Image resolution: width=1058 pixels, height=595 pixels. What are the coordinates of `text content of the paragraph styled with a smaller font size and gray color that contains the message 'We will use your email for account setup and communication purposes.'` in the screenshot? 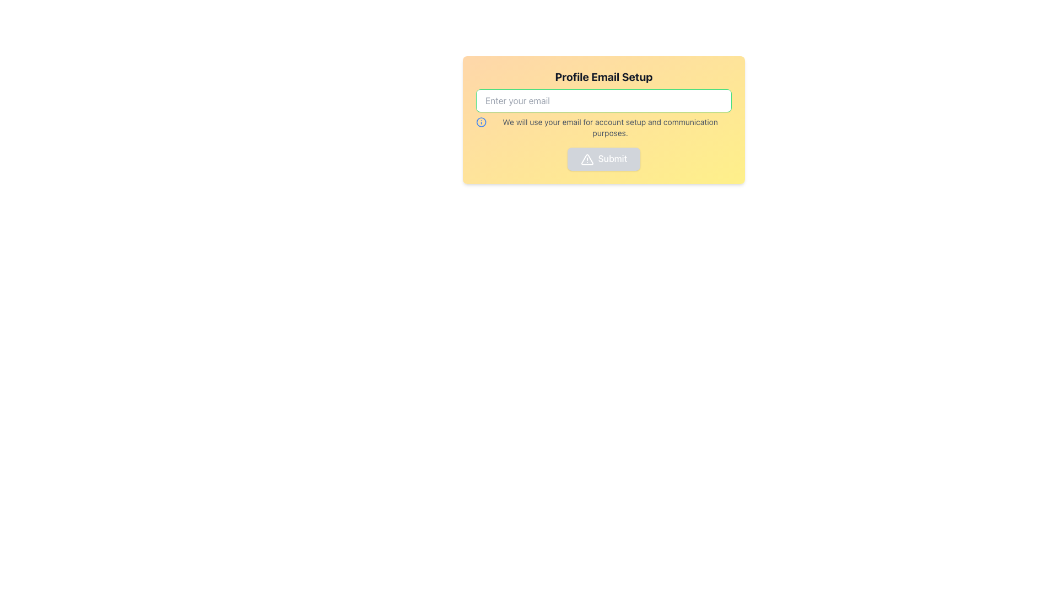 It's located at (609, 127).